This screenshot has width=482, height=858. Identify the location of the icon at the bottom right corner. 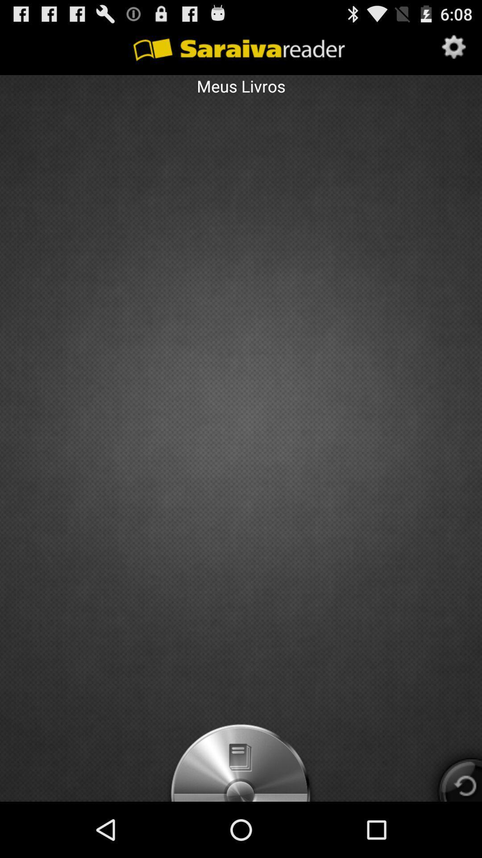
(452, 771).